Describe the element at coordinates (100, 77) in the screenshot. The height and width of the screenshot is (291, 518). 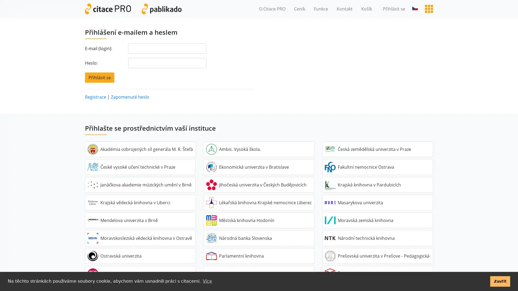
I see `Prihlasit se` at that location.